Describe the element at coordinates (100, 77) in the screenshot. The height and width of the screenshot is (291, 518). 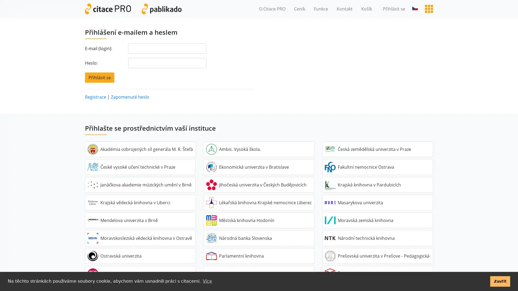
I see `Prihlasit se` at that location.